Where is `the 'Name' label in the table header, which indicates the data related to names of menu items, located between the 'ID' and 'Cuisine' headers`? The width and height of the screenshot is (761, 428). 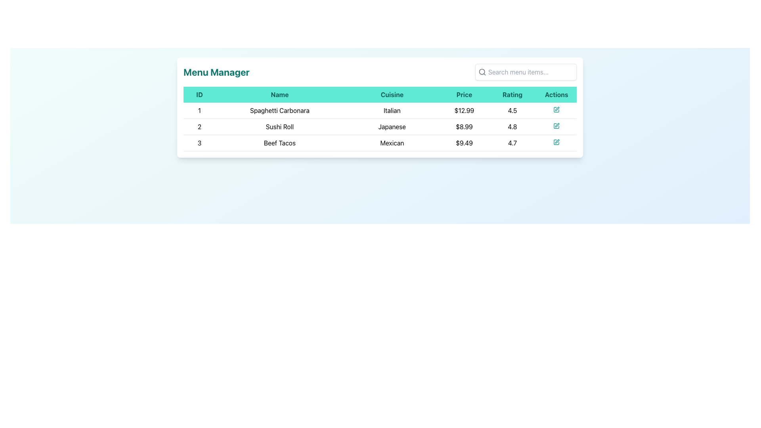
the 'Name' label in the table header, which indicates the data related to names of menu items, located between the 'ID' and 'Cuisine' headers is located at coordinates (279, 94).